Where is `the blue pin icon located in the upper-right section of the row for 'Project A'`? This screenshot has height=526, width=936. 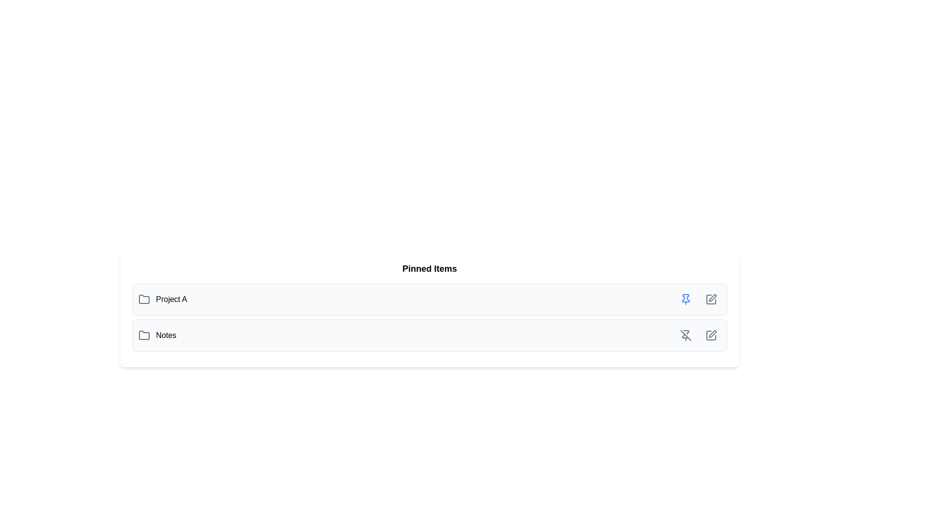 the blue pin icon located in the upper-right section of the row for 'Project A' is located at coordinates (685, 298).